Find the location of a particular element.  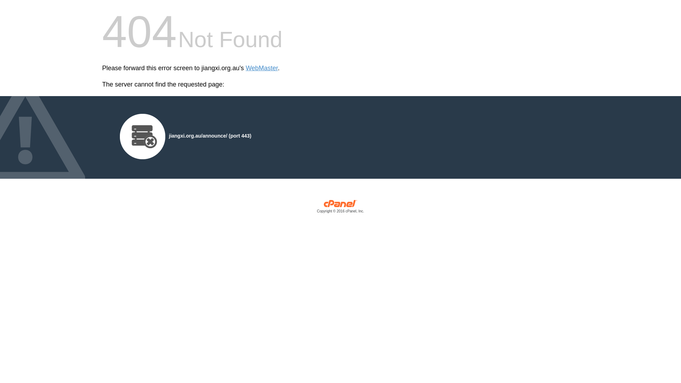

'WebMaster' is located at coordinates (261, 68).